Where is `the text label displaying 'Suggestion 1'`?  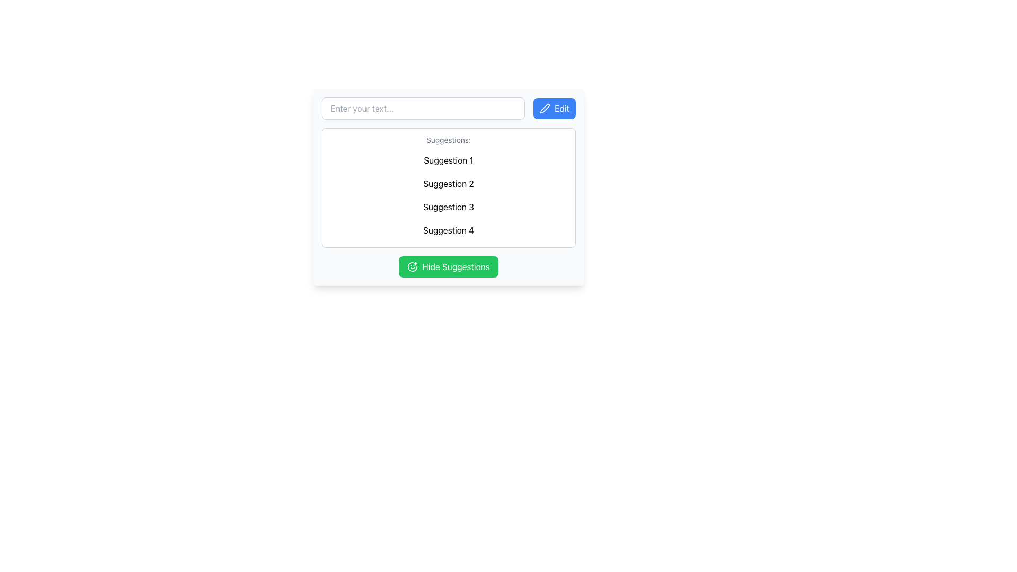 the text label displaying 'Suggestion 1' is located at coordinates (448, 160).